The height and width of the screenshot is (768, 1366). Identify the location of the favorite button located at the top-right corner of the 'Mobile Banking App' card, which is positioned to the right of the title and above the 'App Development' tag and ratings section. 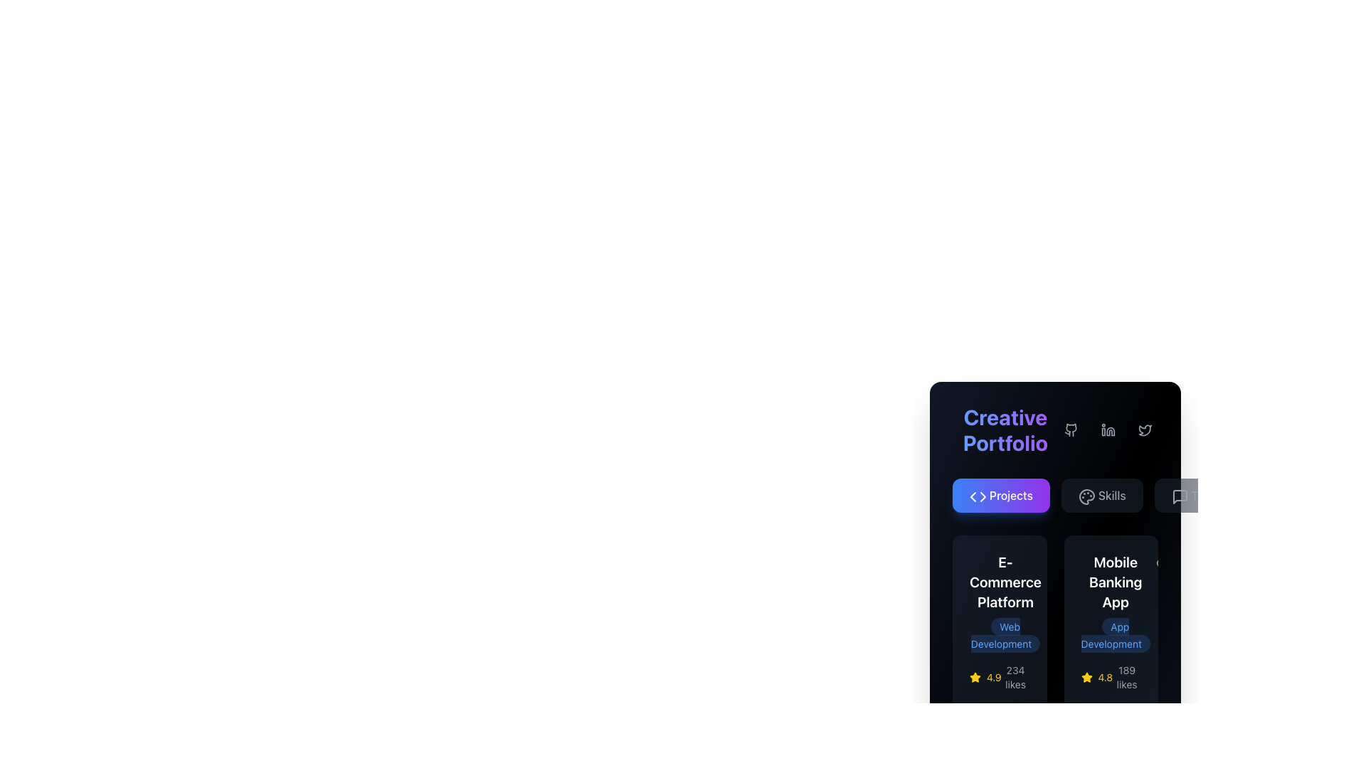
(1163, 564).